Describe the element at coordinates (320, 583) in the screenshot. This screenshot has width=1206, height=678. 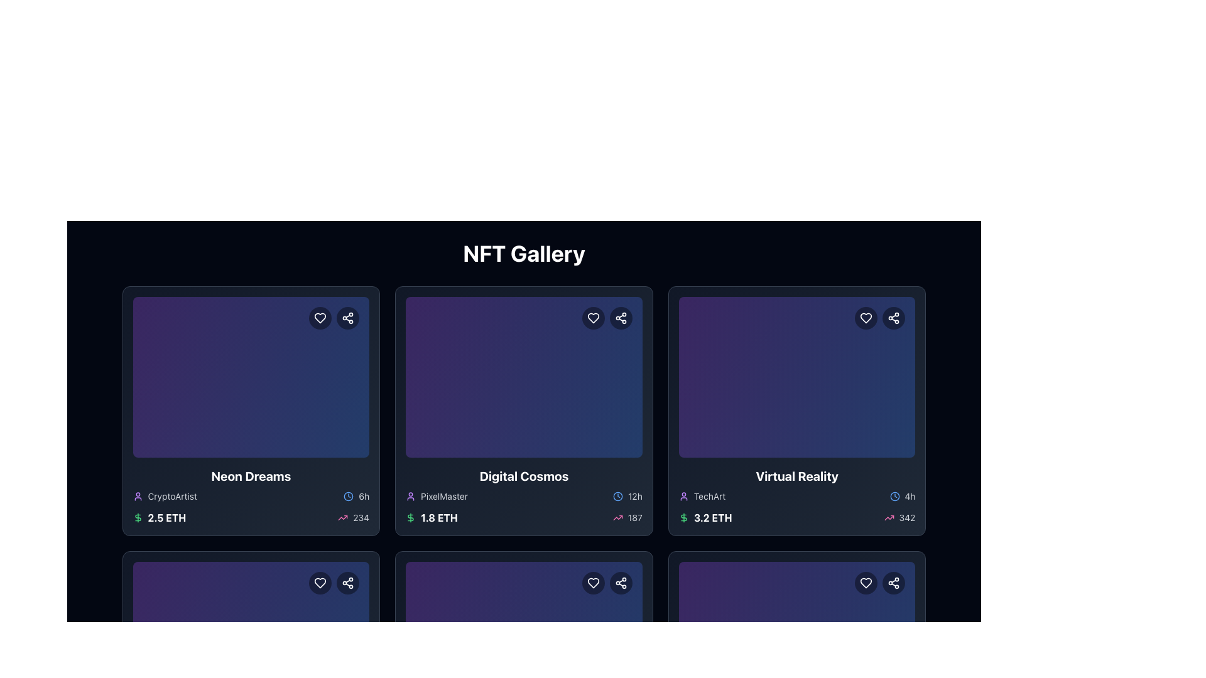
I see `the heart-shaped icon with a white color on a dark circular background located in the top-right corner of the card component to emphasize it` at that location.